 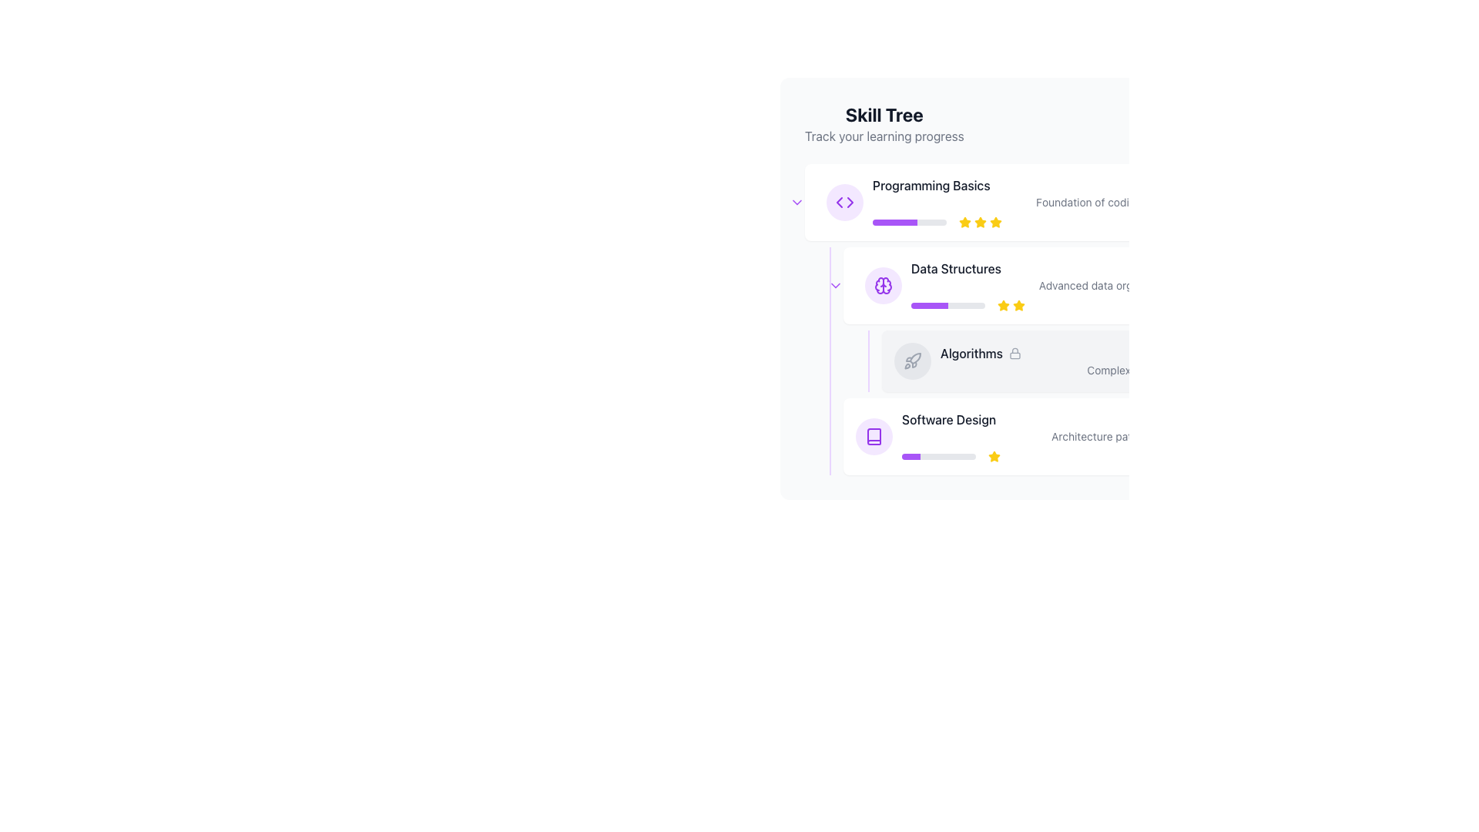 What do you see at coordinates (1088, 201) in the screenshot?
I see `the text label that reads 'Foundation of coding', which is displayed in a smaller, gray font below the bold title 'Programming Basics' in the skill tree list` at bounding box center [1088, 201].